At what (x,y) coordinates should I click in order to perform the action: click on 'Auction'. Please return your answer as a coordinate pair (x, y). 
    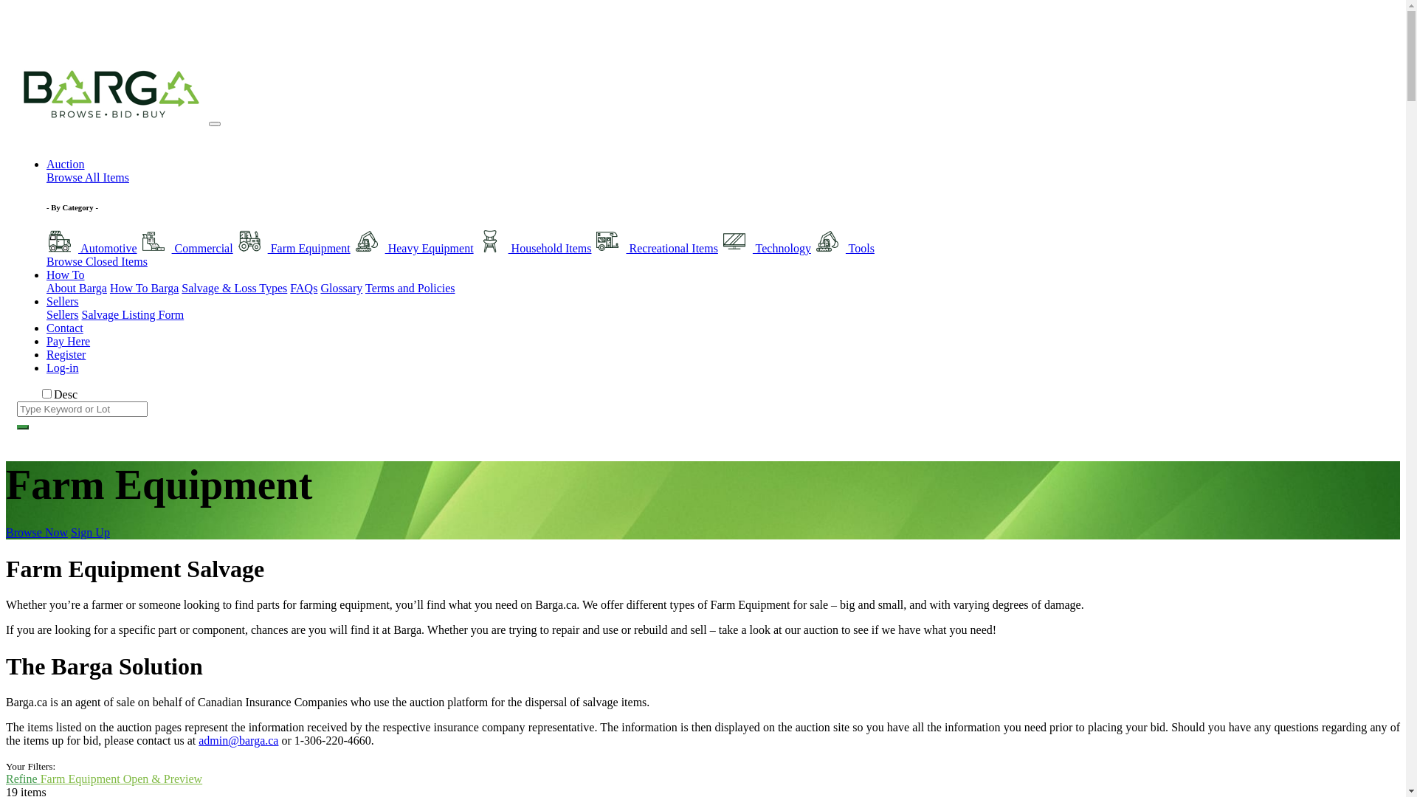
    Looking at the image, I should click on (65, 164).